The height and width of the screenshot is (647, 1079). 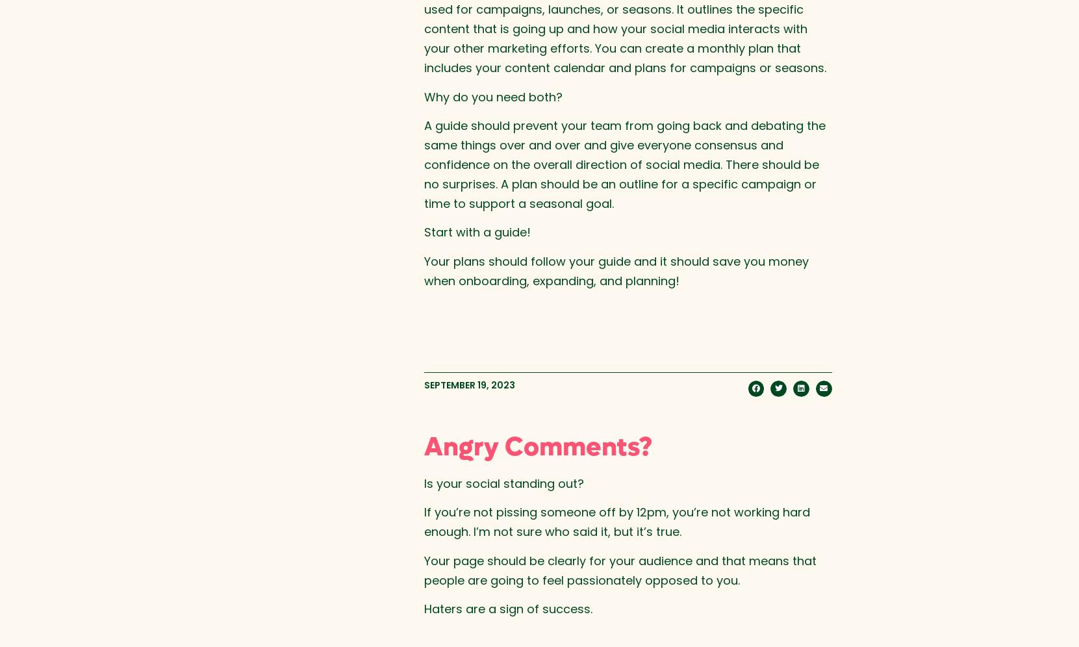 What do you see at coordinates (507, 608) in the screenshot?
I see `'Haters are a sign of success.'` at bounding box center [507, 608].